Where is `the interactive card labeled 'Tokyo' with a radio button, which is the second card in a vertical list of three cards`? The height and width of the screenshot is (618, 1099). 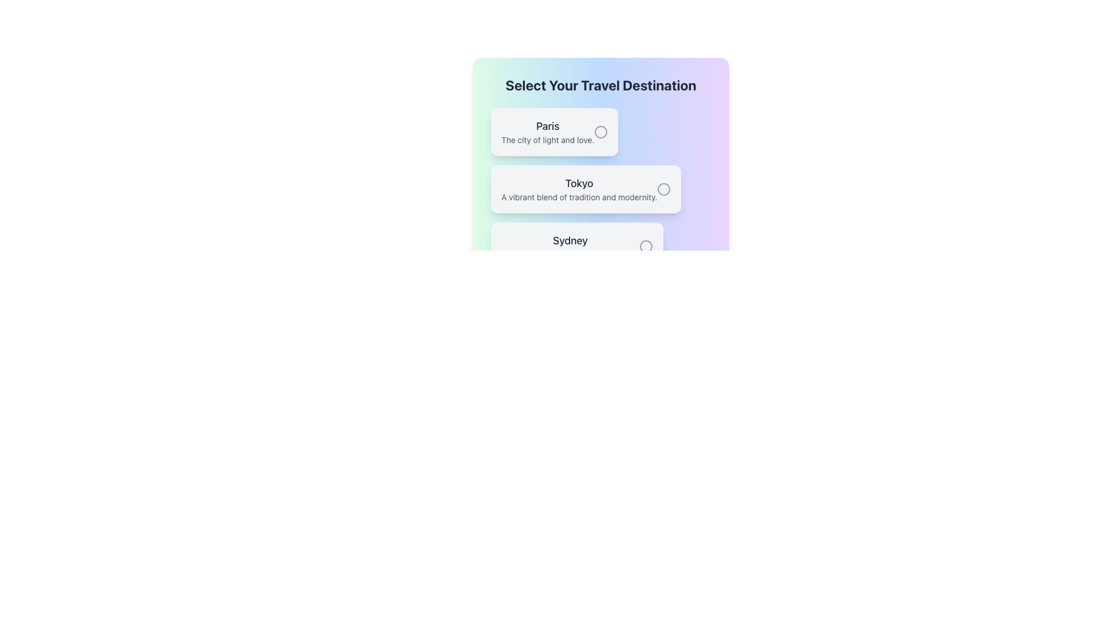 the interactive card labeled 'Tokyo' with a radio button, which is the second card in a vertical list of three cards is located at coordinates (586, 189).